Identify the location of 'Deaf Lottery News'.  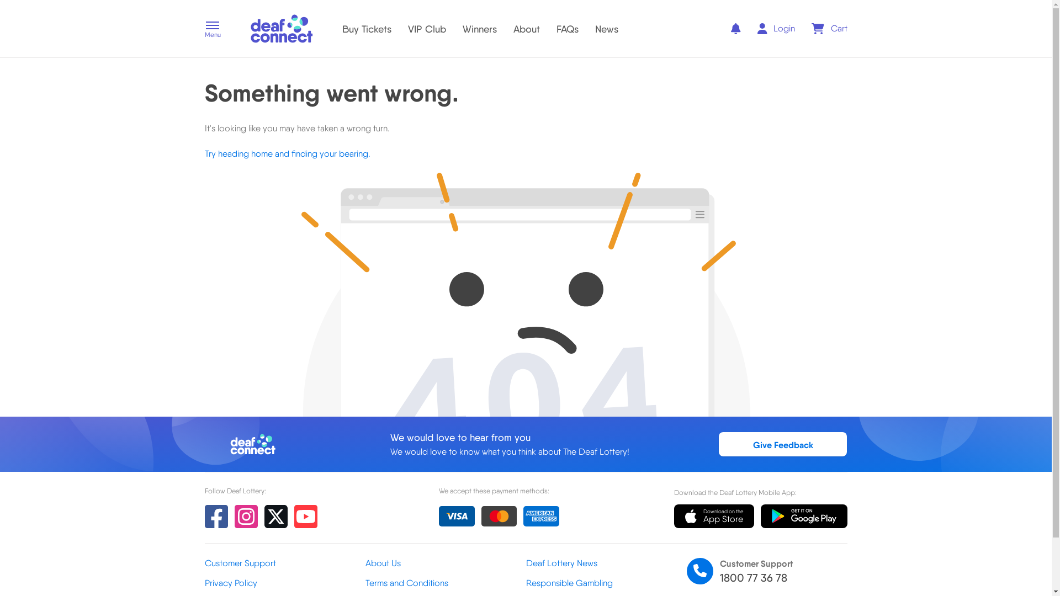
(605, 563).